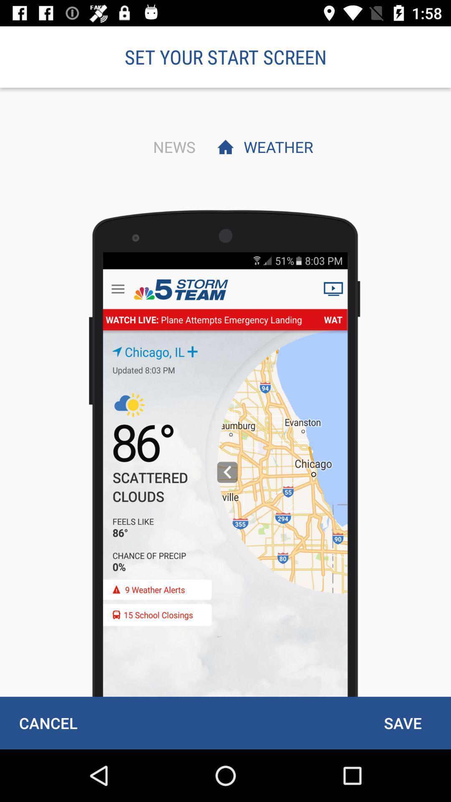  Describe the element at coordinates (402, 723) in the screenshot. I see `icon at the bottom right corner` at that location.